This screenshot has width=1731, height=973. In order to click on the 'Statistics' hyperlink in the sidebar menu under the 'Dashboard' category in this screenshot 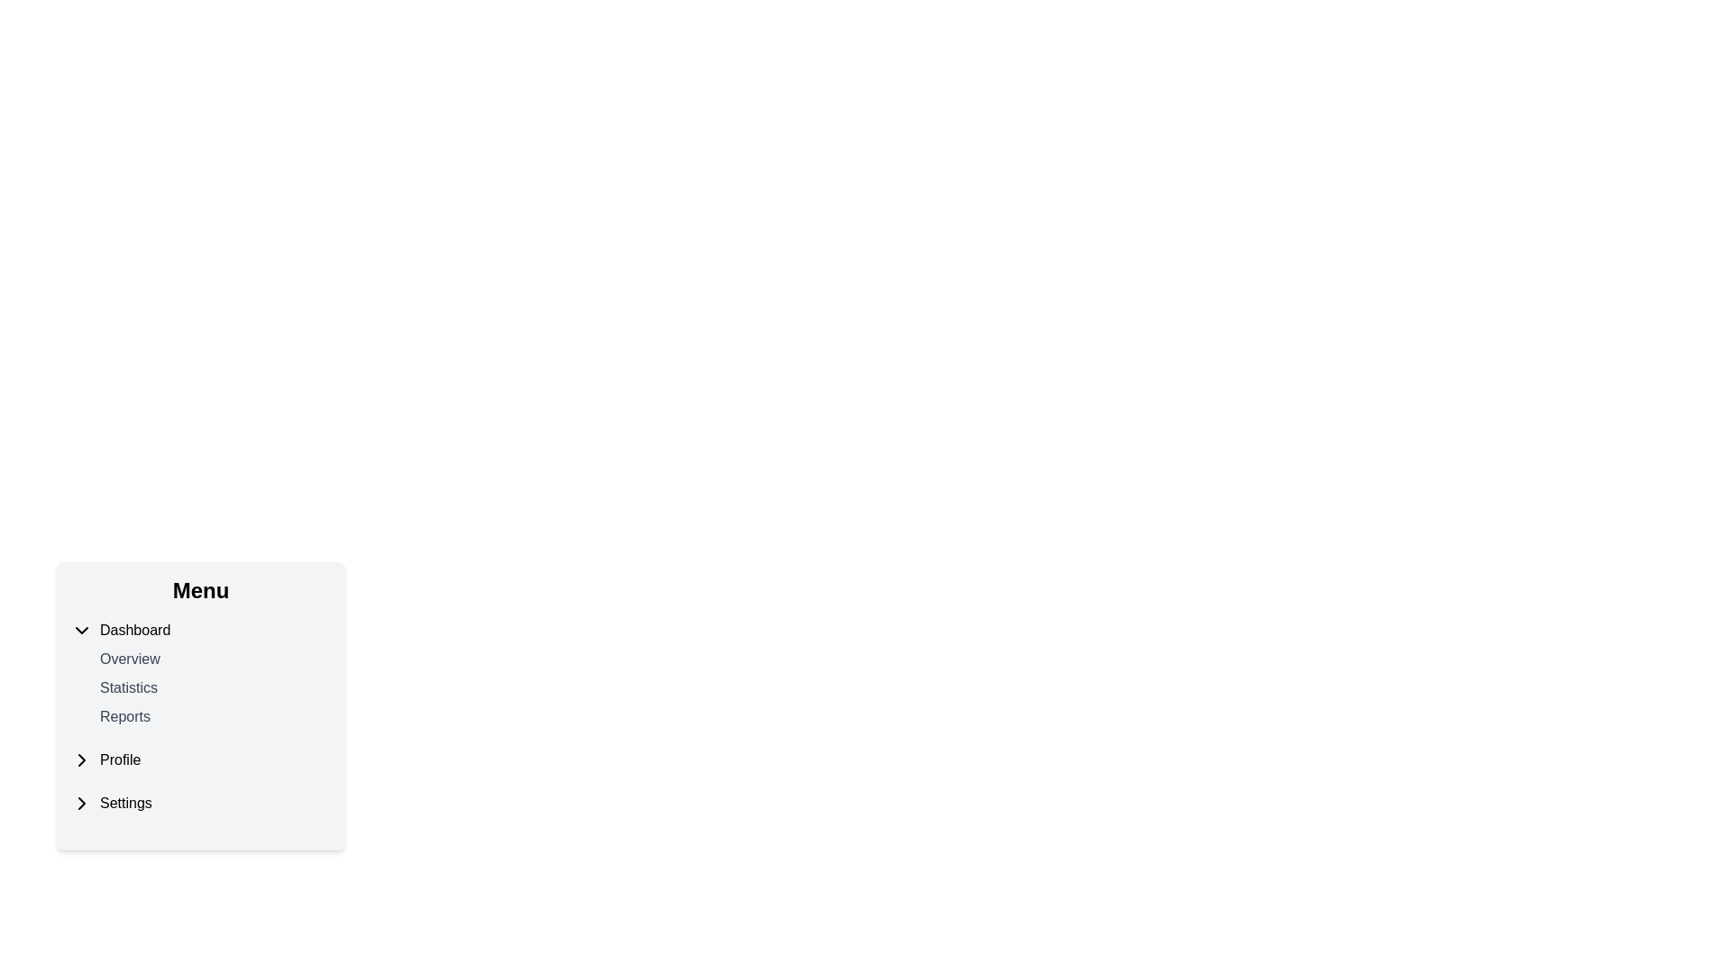, I will do `click(128, 687)`.